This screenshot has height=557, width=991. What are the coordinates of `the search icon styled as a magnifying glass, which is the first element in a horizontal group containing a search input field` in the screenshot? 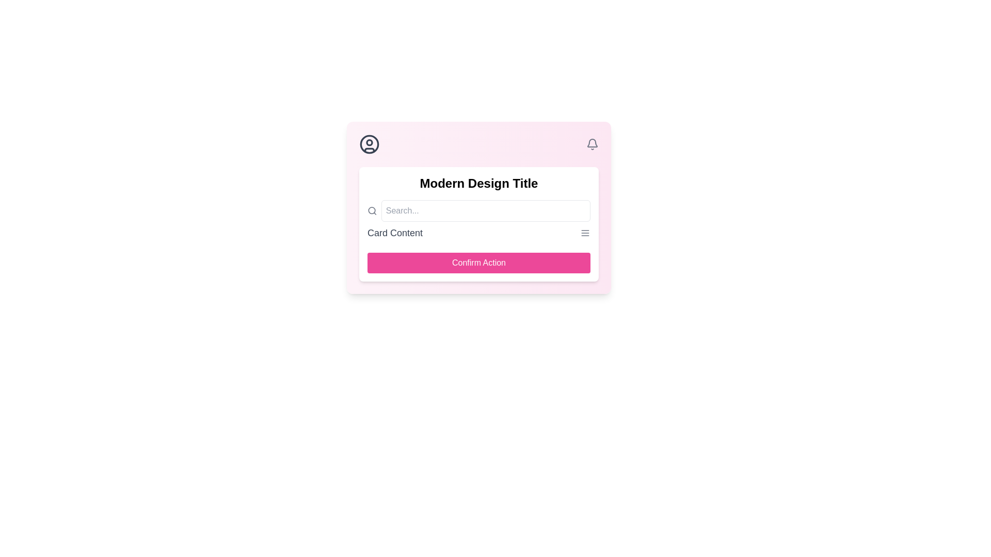 It's located at (372, 210).